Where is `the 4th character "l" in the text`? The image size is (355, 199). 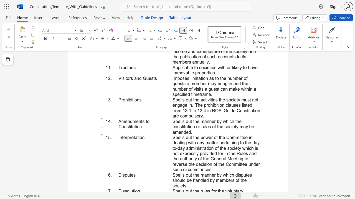
the 4th character "l" in the text is located at coordinates (196, 153).